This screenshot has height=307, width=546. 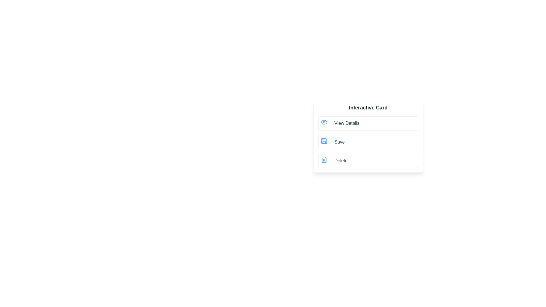 What do you see at coordinates (340, 142) in the screenshot?
I see `the 'Save' text label, which is part of the second button in a vertical stack of three buttons, styled with a medium-weight, gray font adjacent to an icon` at bounding box center [340, 142].